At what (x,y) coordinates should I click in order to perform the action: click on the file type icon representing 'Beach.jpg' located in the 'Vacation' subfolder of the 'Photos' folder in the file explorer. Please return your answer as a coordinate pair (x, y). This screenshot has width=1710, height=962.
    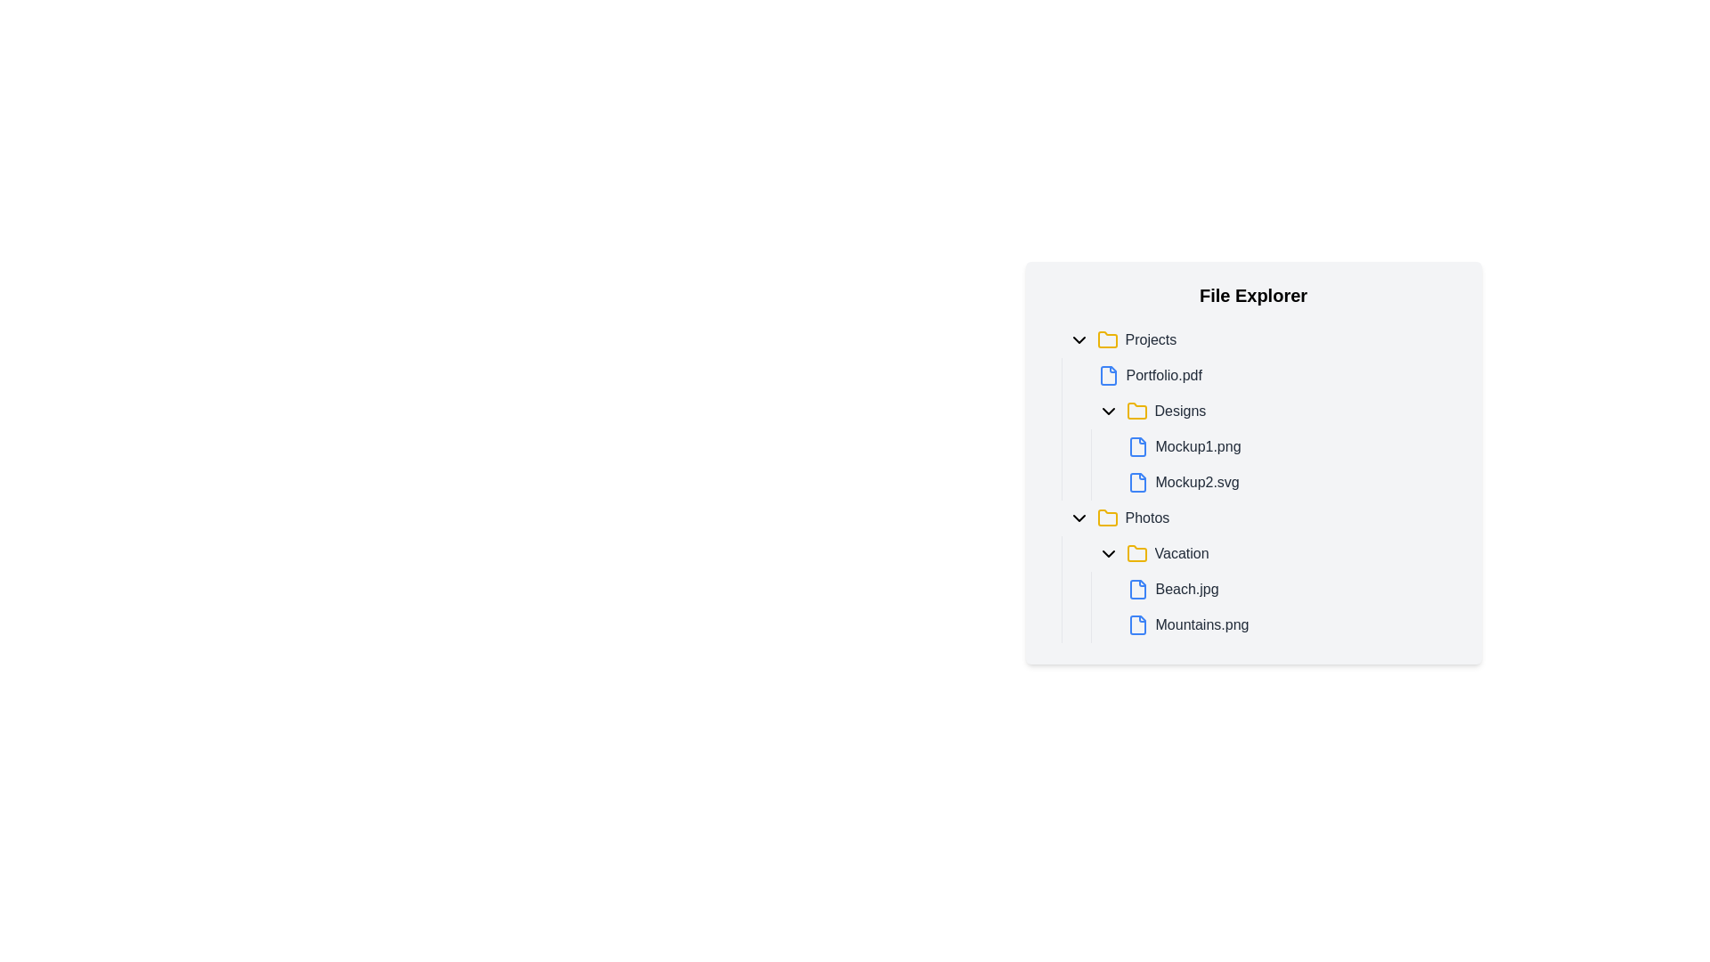
    Looking at the image, I should click on (1136, 590).